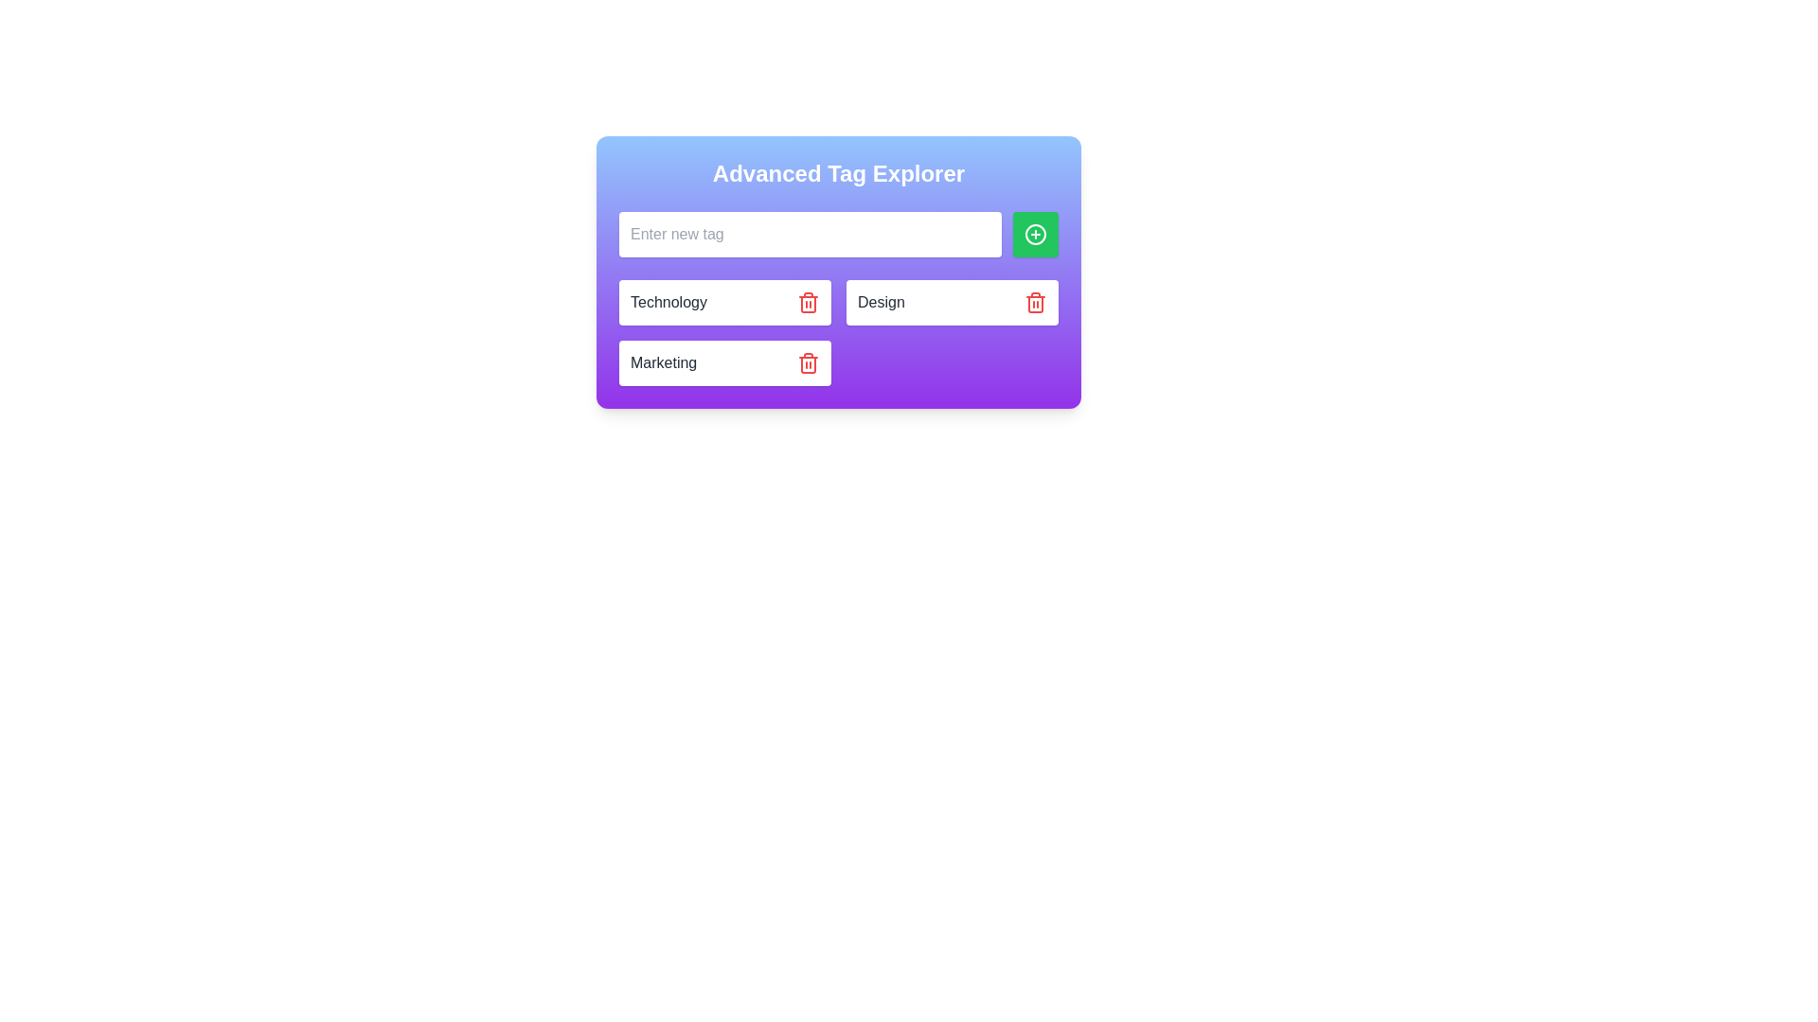 The height and width of the screenshot is (1022, 1818). I want to click on text label displaying 'Marketing' in dark gray font, which is centrally aligned within a rectangular card in the third row of the 'Advanced Tag Explorer' panel, so click(664, 363).